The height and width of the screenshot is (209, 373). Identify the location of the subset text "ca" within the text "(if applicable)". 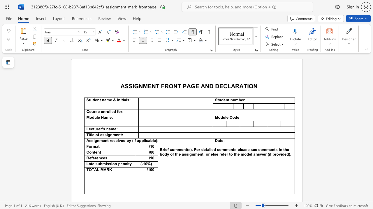
(146, 140).